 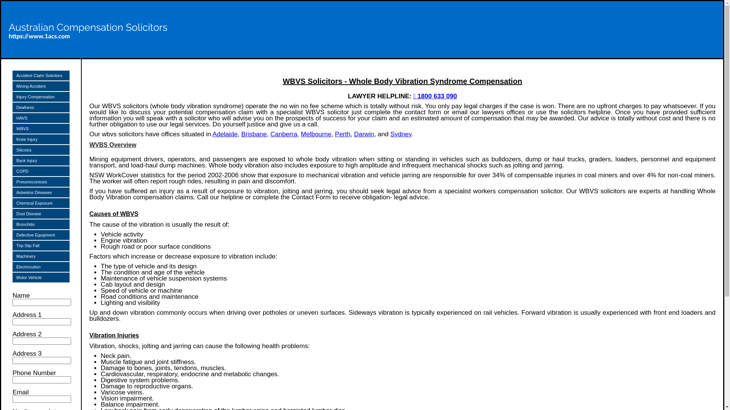 I want to click on 'Adelaide', so click(x=224, y=134).